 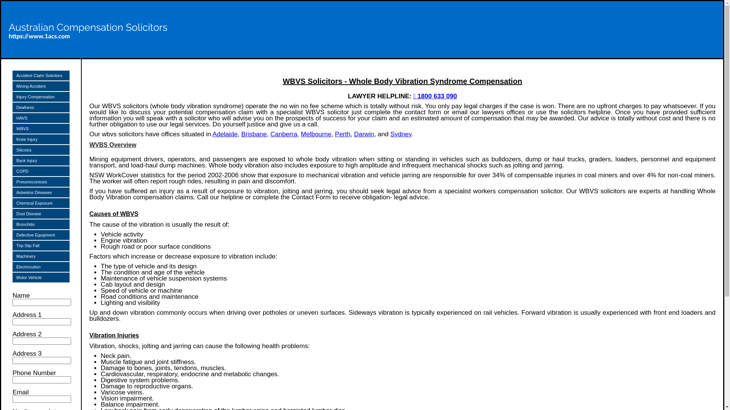 I want to click on 'Adelaide', so click(x=224, y=134).